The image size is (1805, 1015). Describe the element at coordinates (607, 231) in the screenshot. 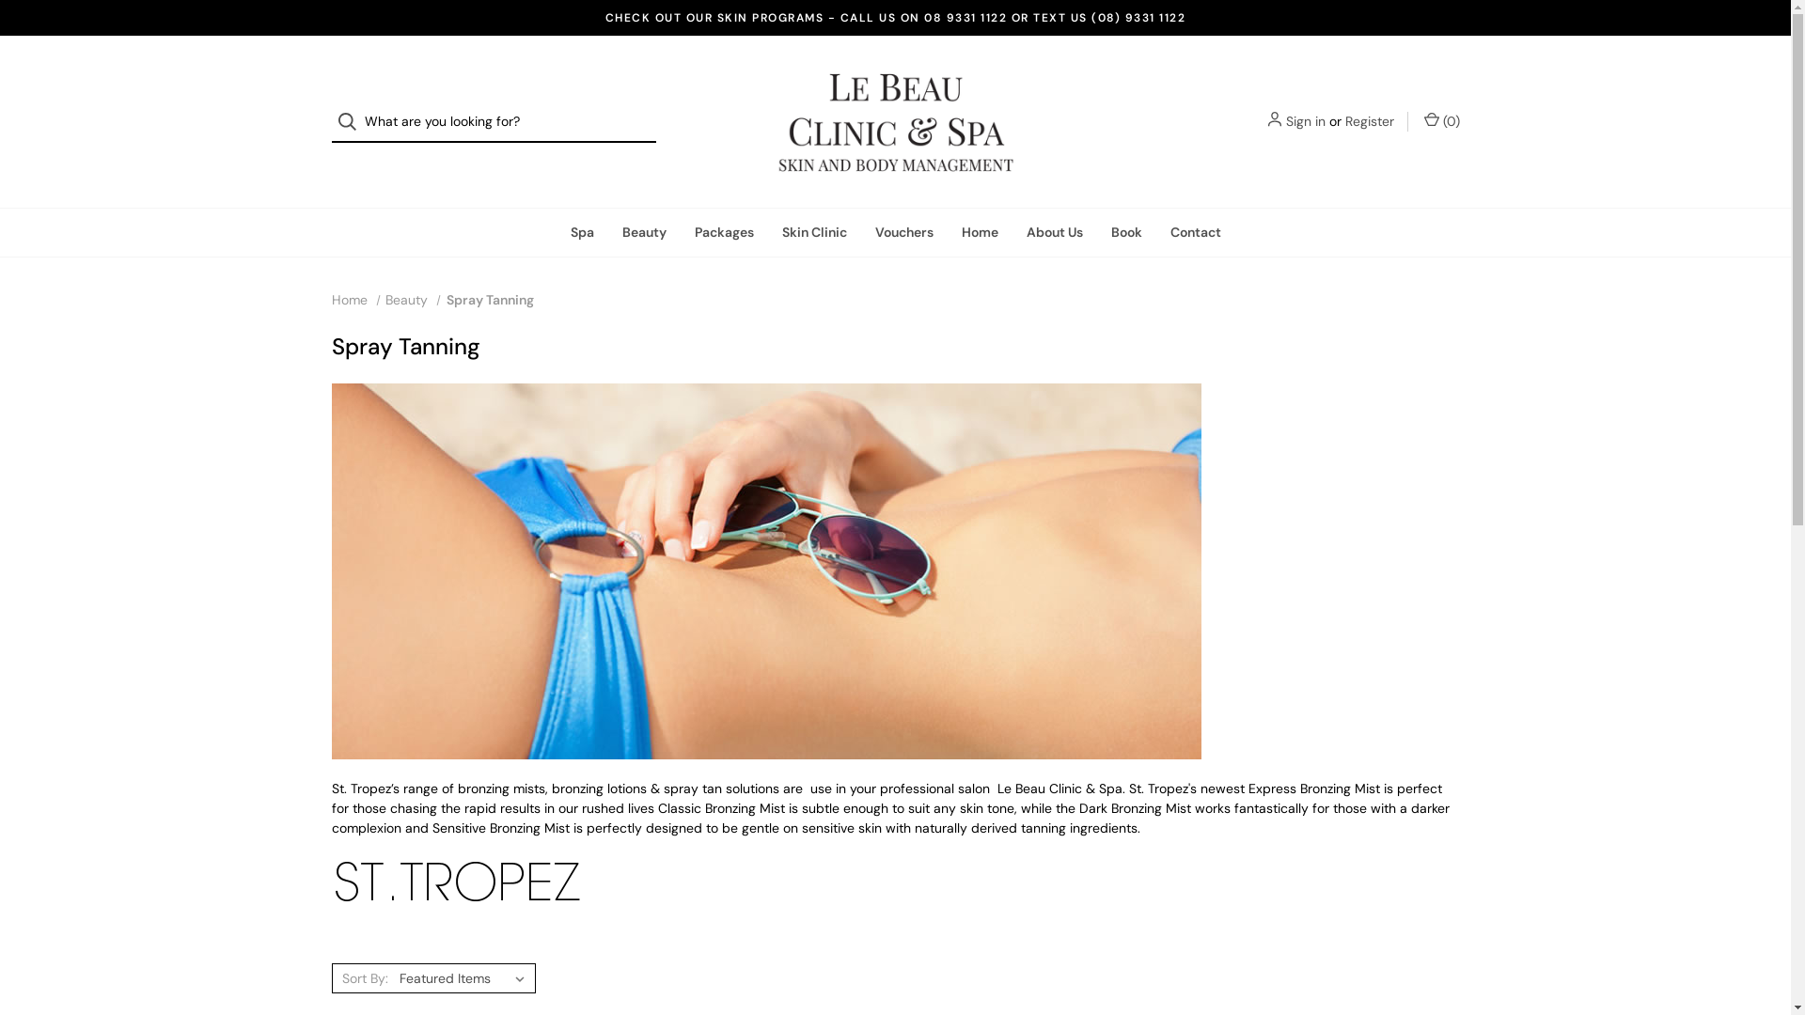

I see `'Beauty'` at that location.